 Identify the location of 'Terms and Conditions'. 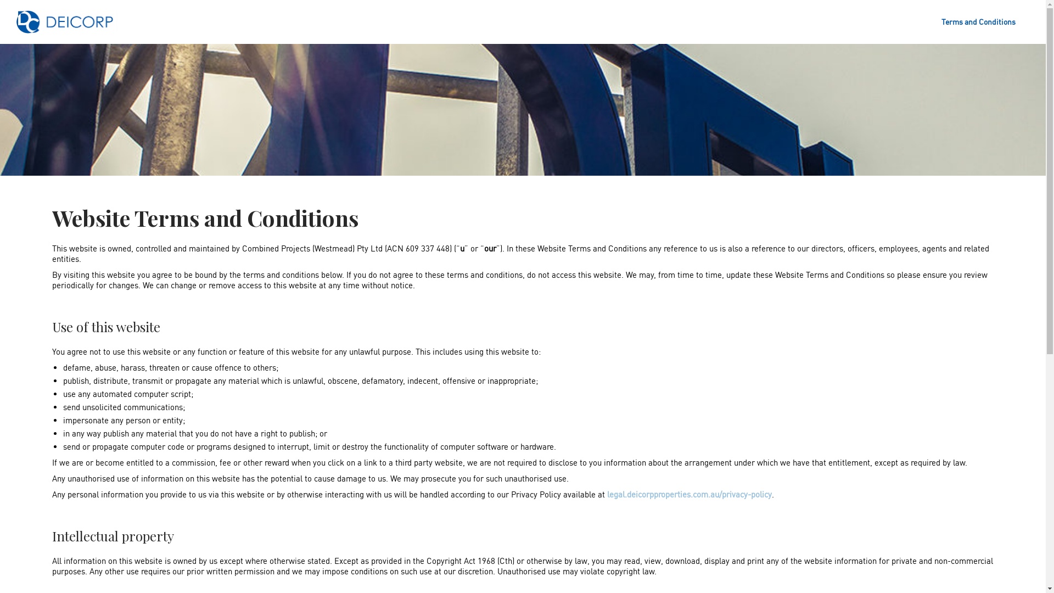
(978, 21).